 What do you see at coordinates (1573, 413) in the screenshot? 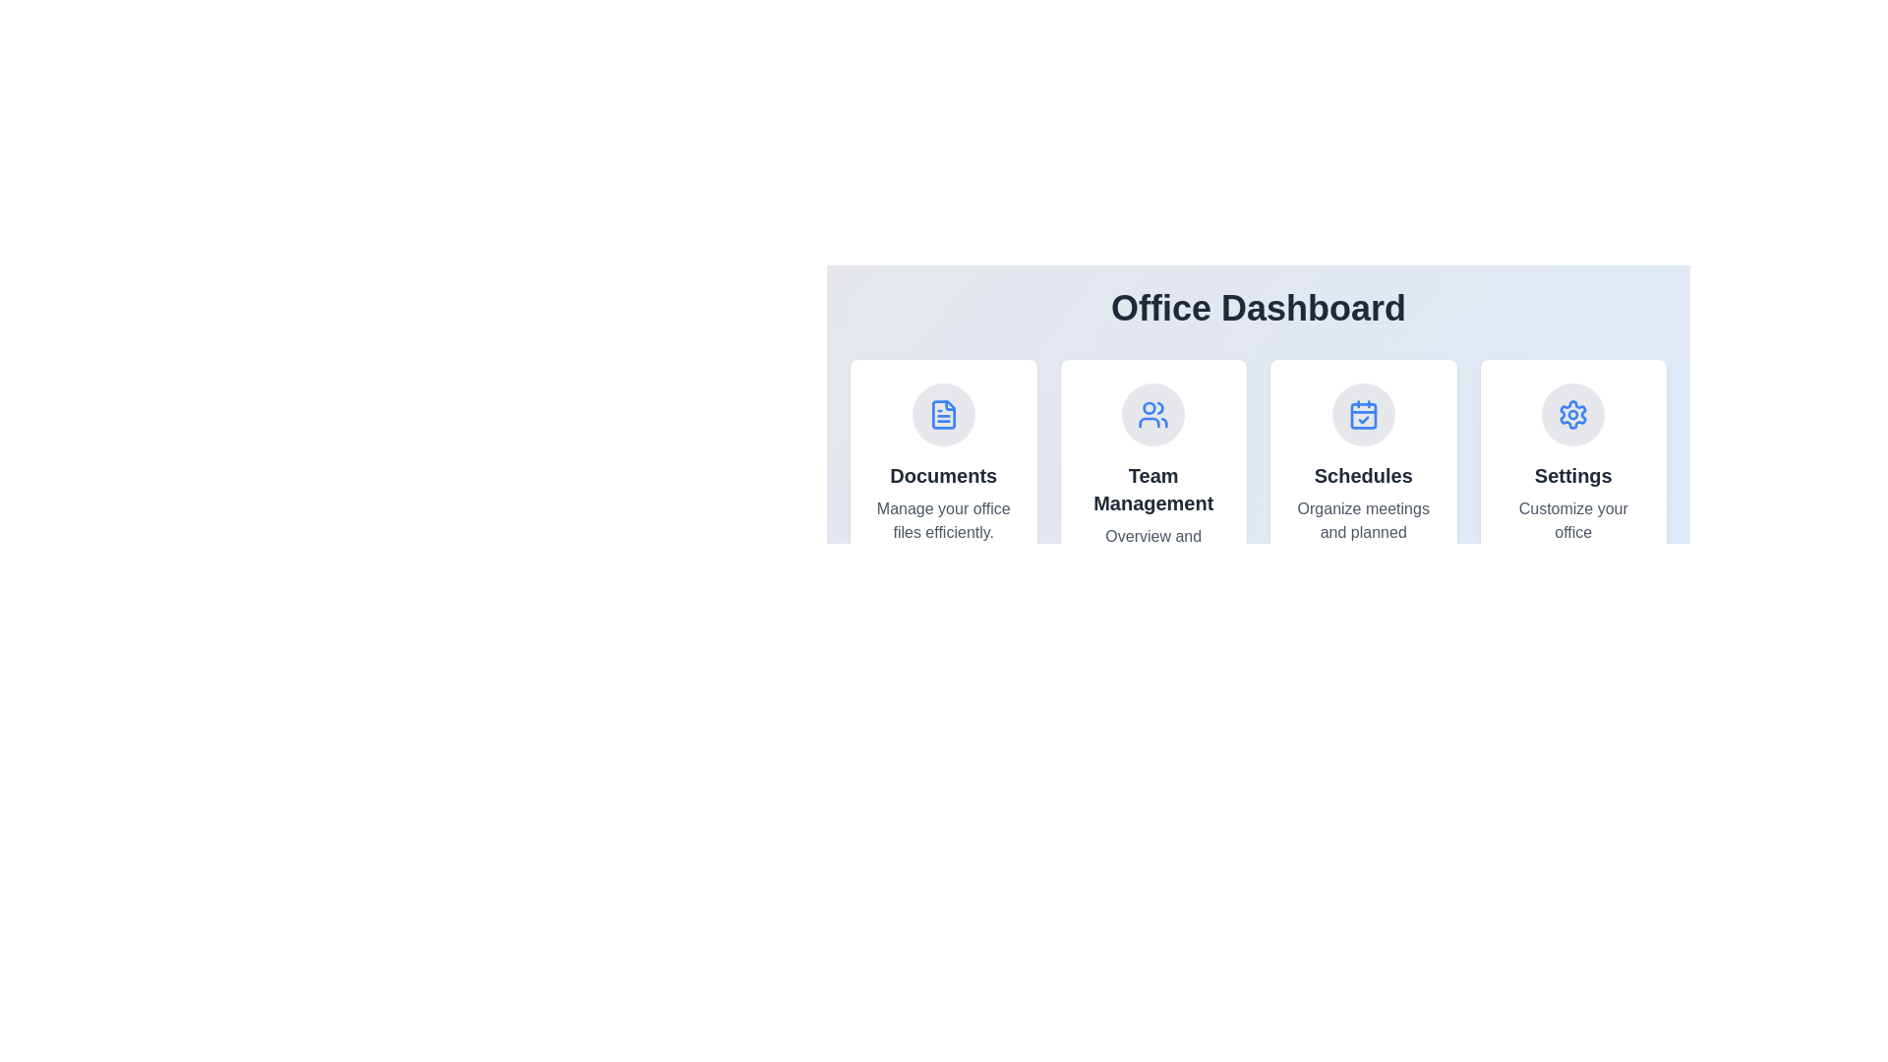
I see `the visual representation of the 'Settings' icon located above the text 'Settings' and 'Customize your office configurations.'` at bounding box center [1573, 413].